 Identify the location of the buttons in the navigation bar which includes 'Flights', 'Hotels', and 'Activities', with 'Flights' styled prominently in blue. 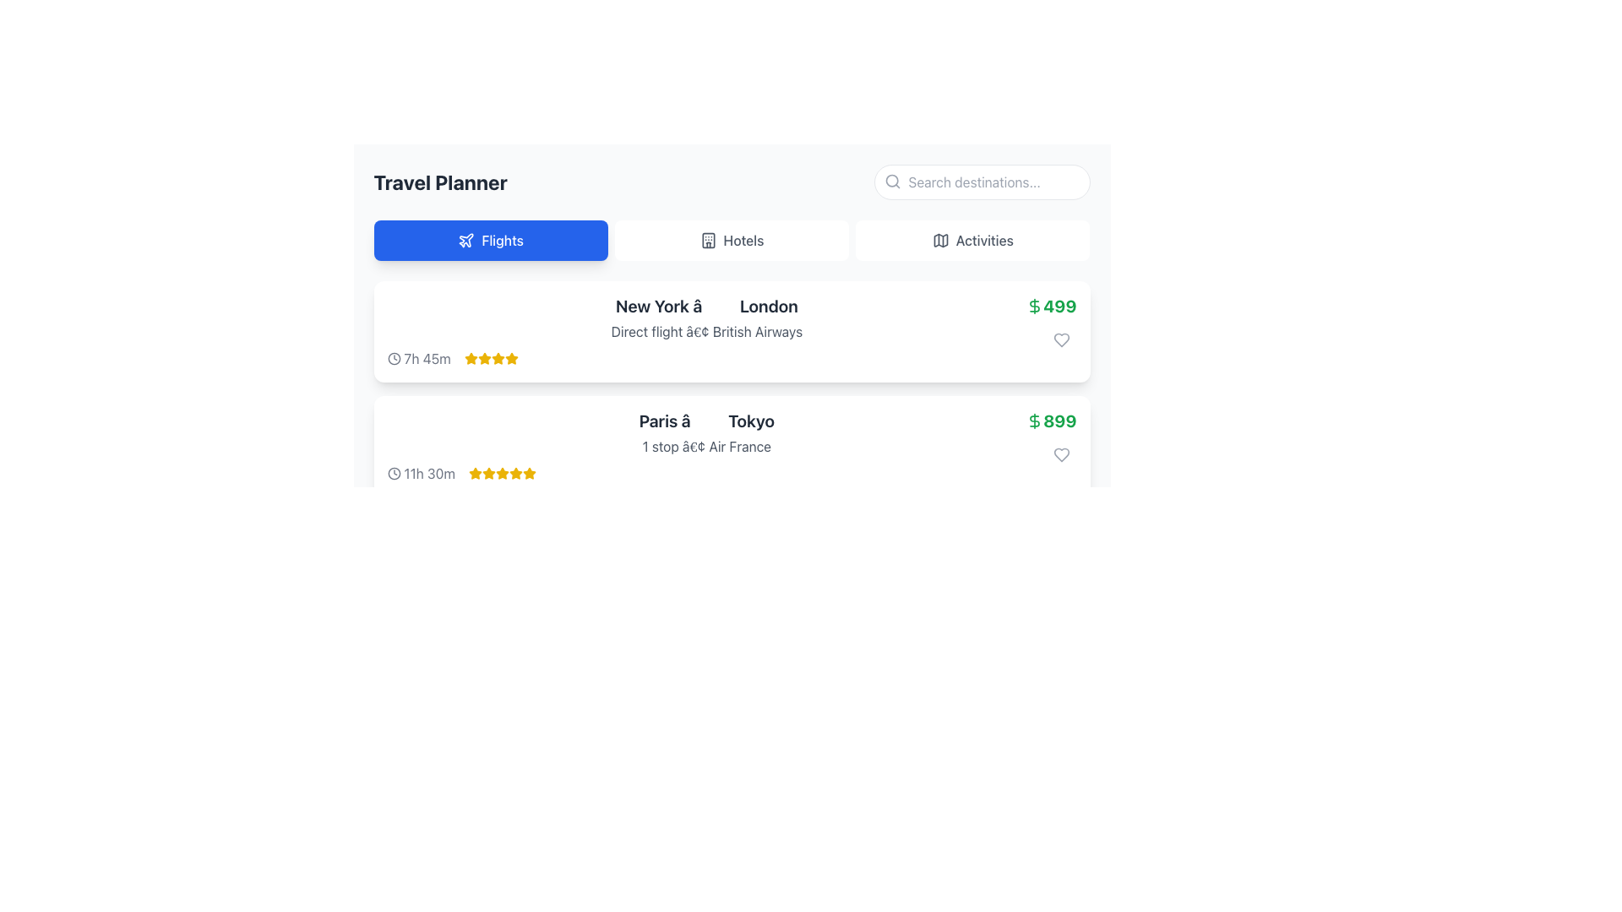
(732, 241).